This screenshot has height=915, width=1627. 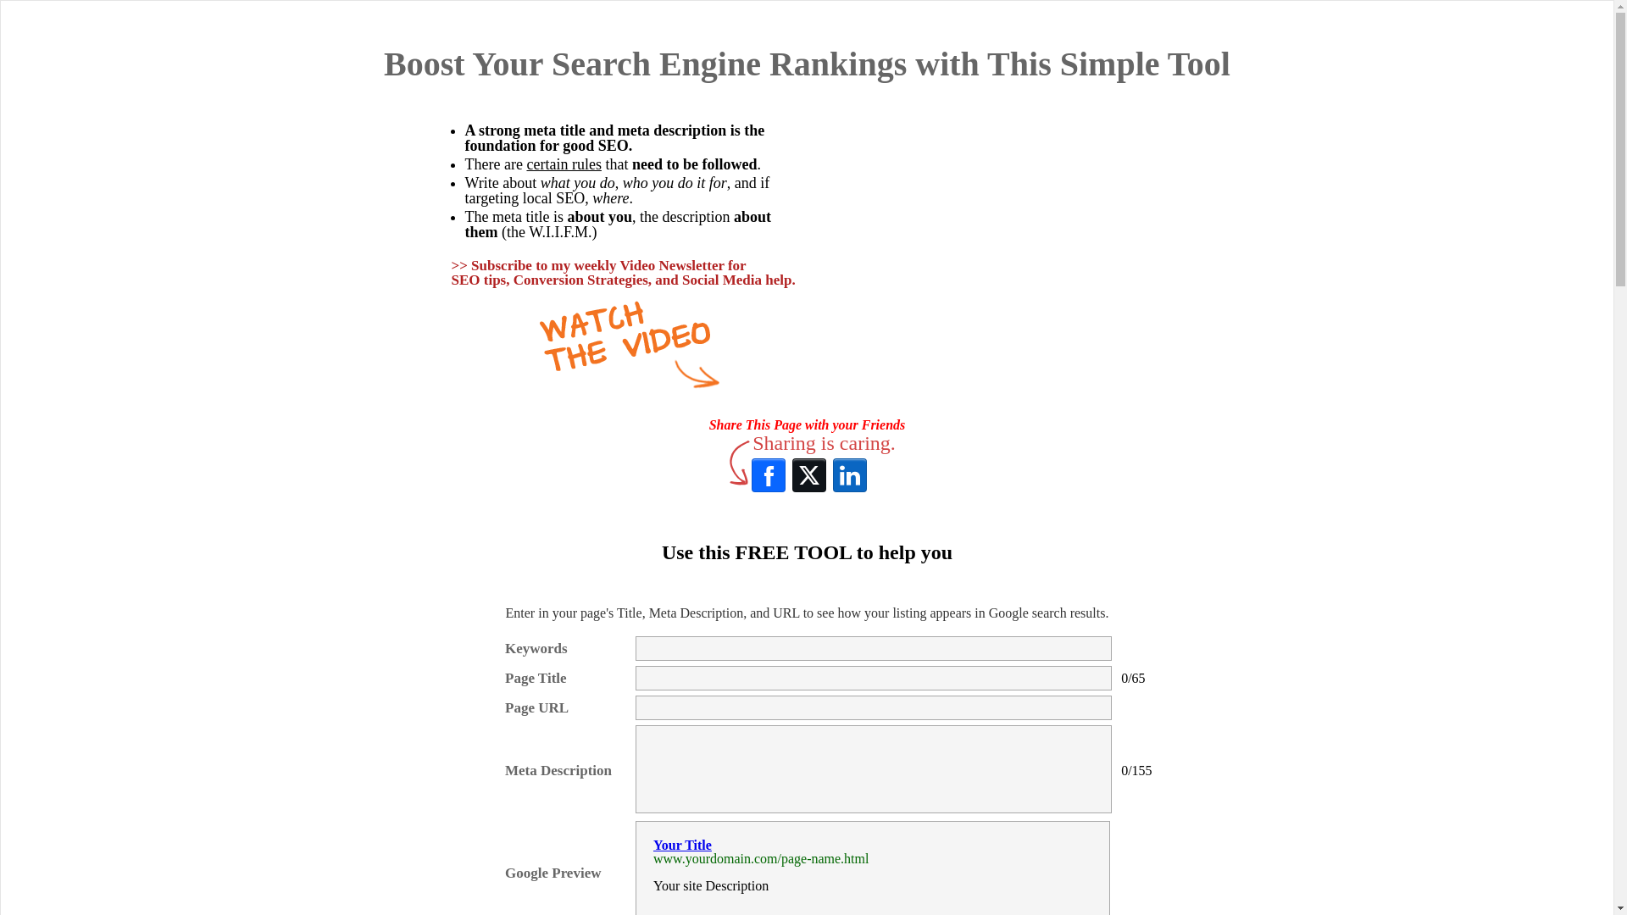 I want to click on 'Facebook', so click(x=768, y=474).